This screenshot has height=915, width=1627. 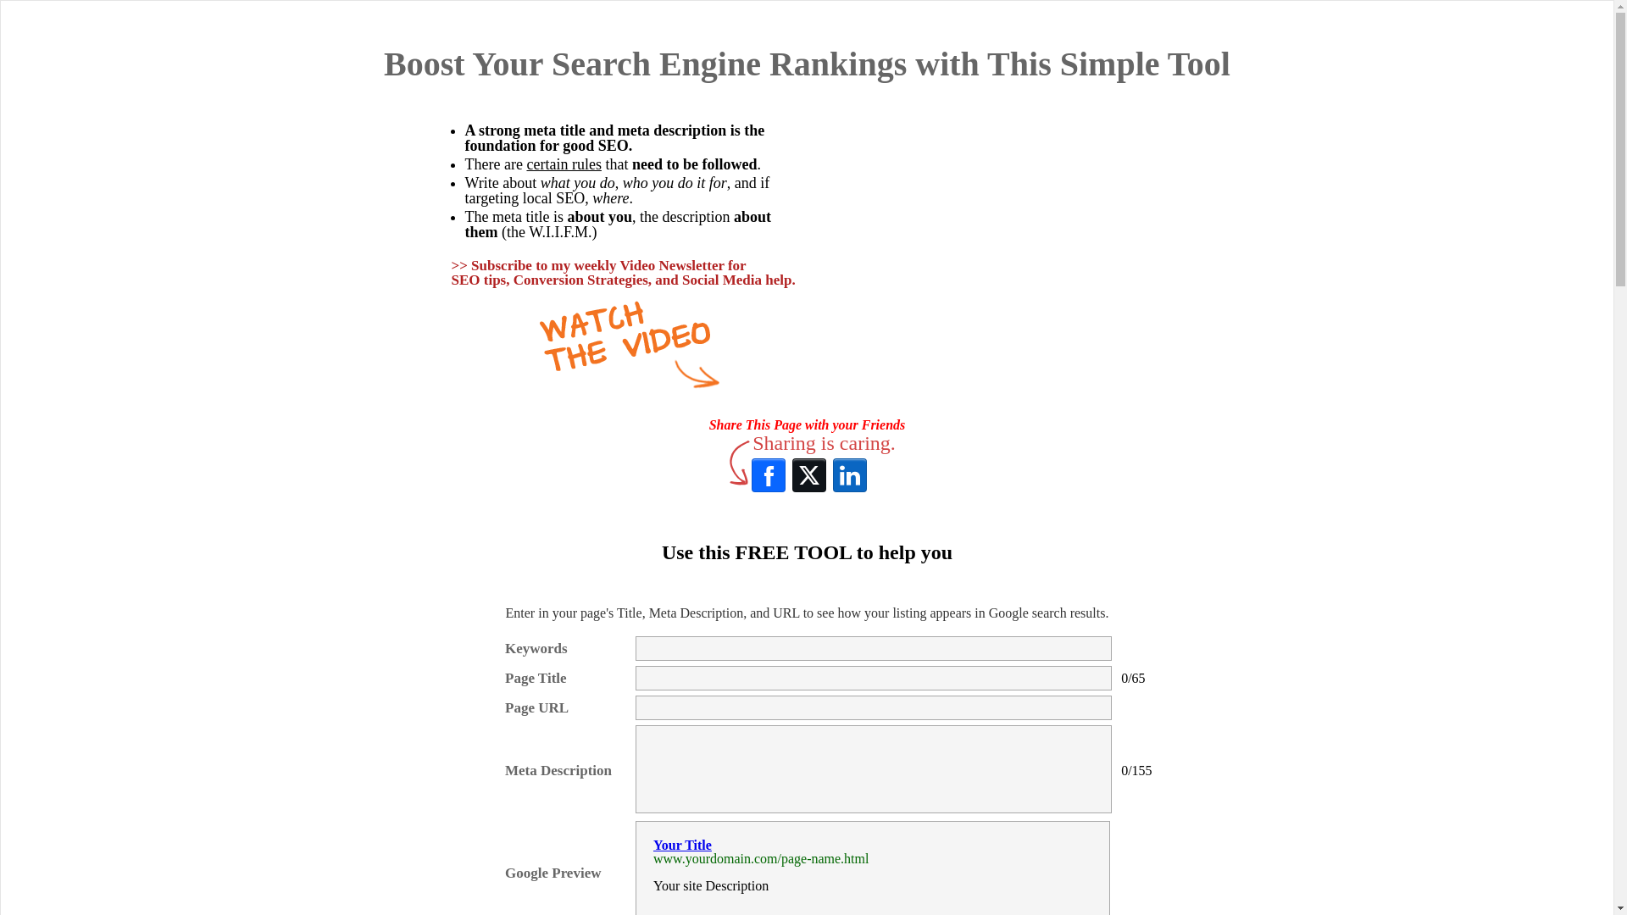 I want to click on 'Facebook', so click(x=768, y=474).